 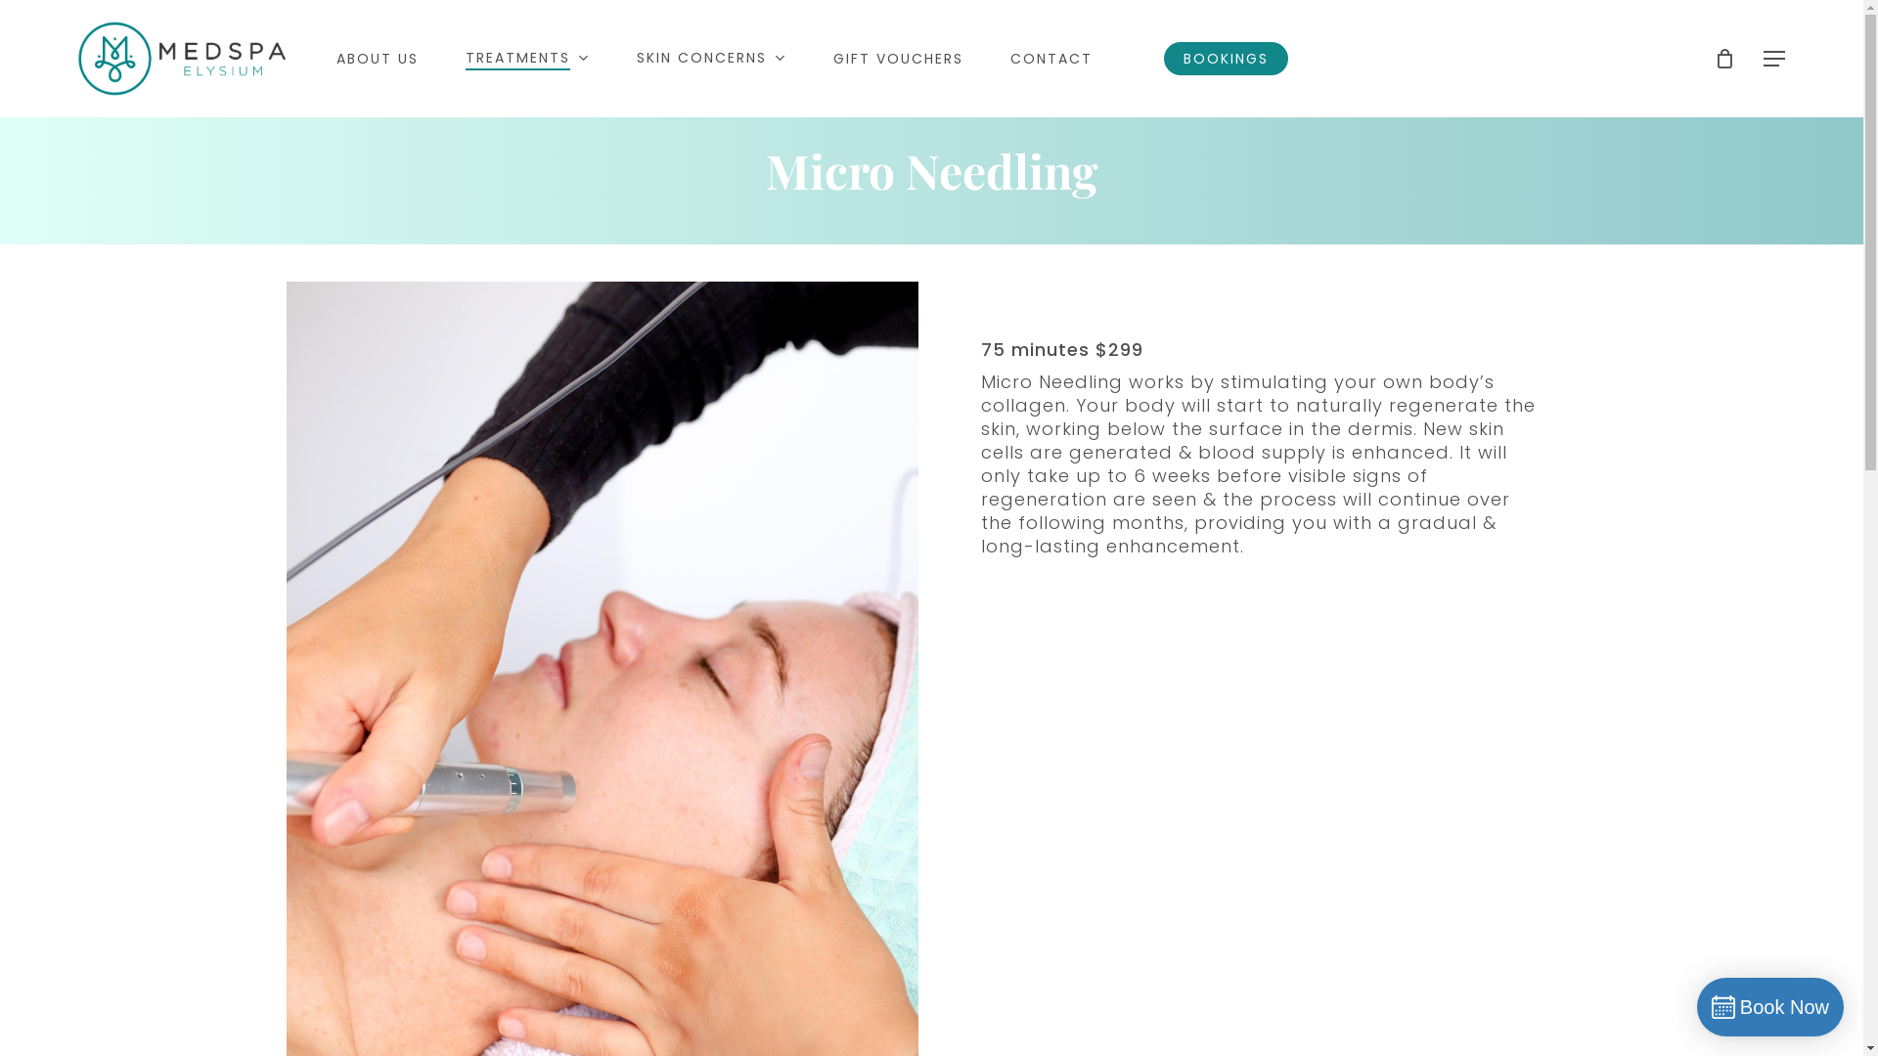 What do you see at coordinates (1825, 10) in the screenshot?
I see `'Menu'` at bounding box center [1825, 10].